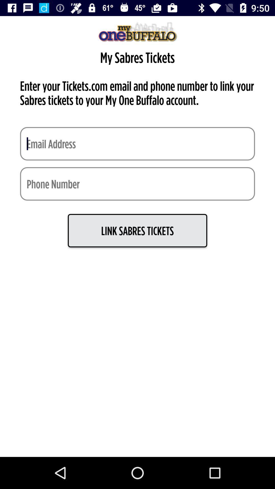 This screenshot has height=489, width=275. What do you see at coordinates (137, 143) in the screenshot?
I see `put email` at bounding box center [137, 143].